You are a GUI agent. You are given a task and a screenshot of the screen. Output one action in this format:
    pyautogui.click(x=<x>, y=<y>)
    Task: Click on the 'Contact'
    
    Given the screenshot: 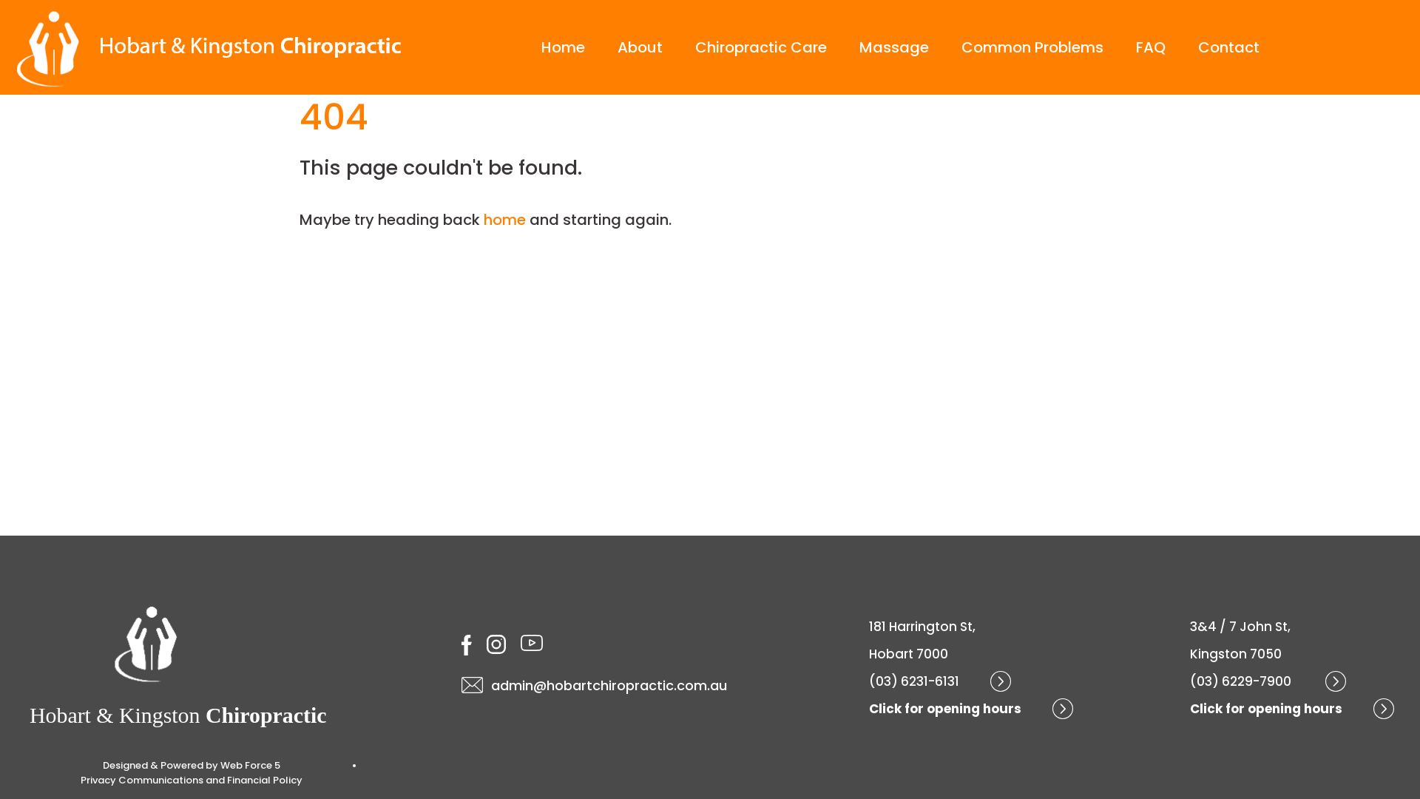 What is the action you would take?
    pyautogui.click(x=1228, y=47)
    